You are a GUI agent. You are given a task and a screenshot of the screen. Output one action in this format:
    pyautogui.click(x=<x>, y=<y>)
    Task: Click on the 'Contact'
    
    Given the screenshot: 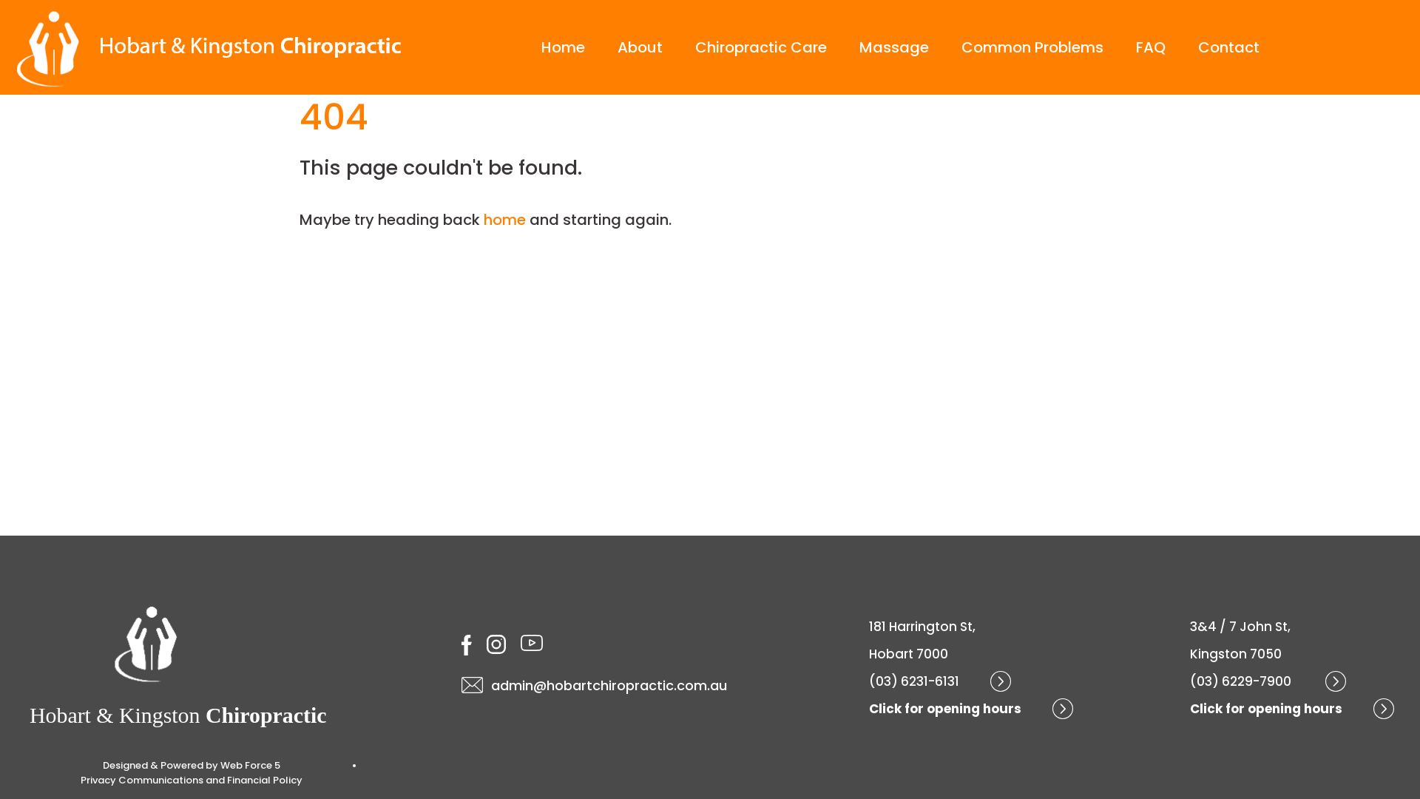 What is the action you would take?
    pyautogui.click(x=1228, y=47)
    